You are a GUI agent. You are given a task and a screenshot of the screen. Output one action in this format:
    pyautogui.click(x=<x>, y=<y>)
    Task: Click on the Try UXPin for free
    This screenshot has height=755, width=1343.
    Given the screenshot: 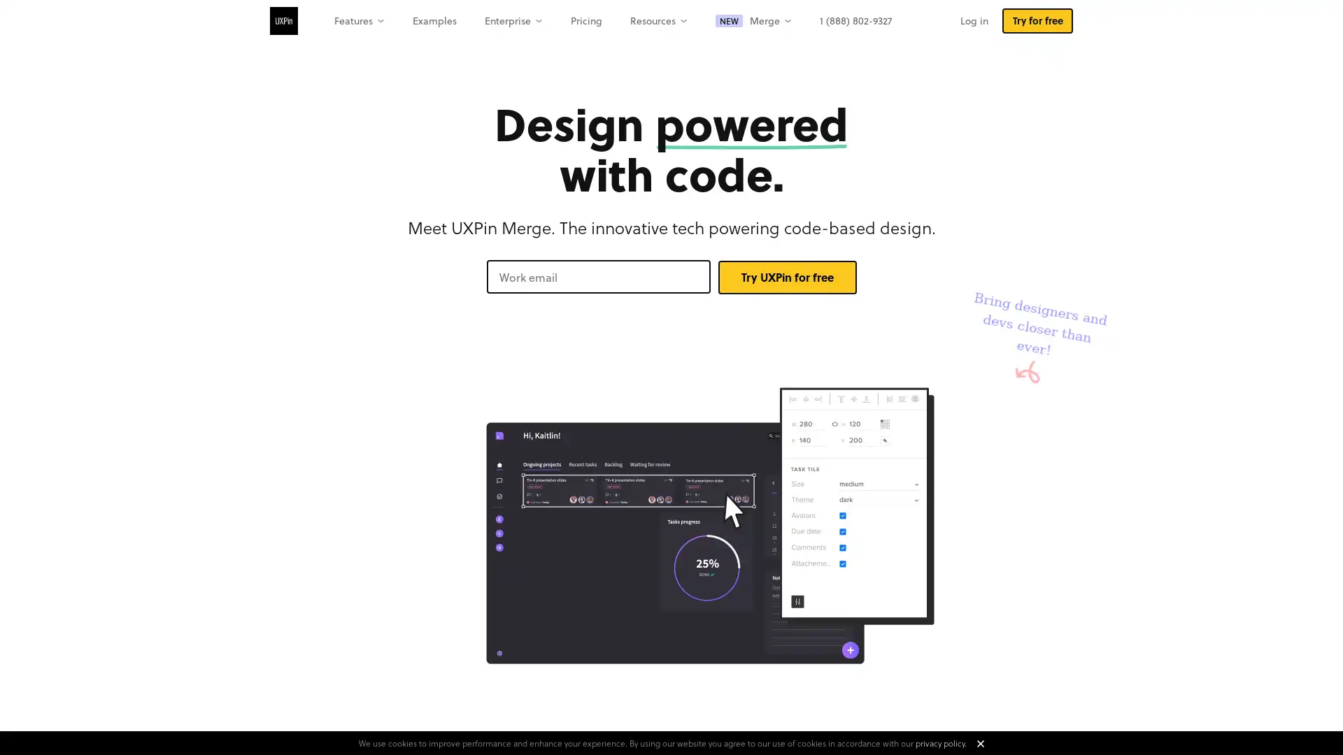 What is the action you would take?
    pyautogui.click(x=786, y=277)
    